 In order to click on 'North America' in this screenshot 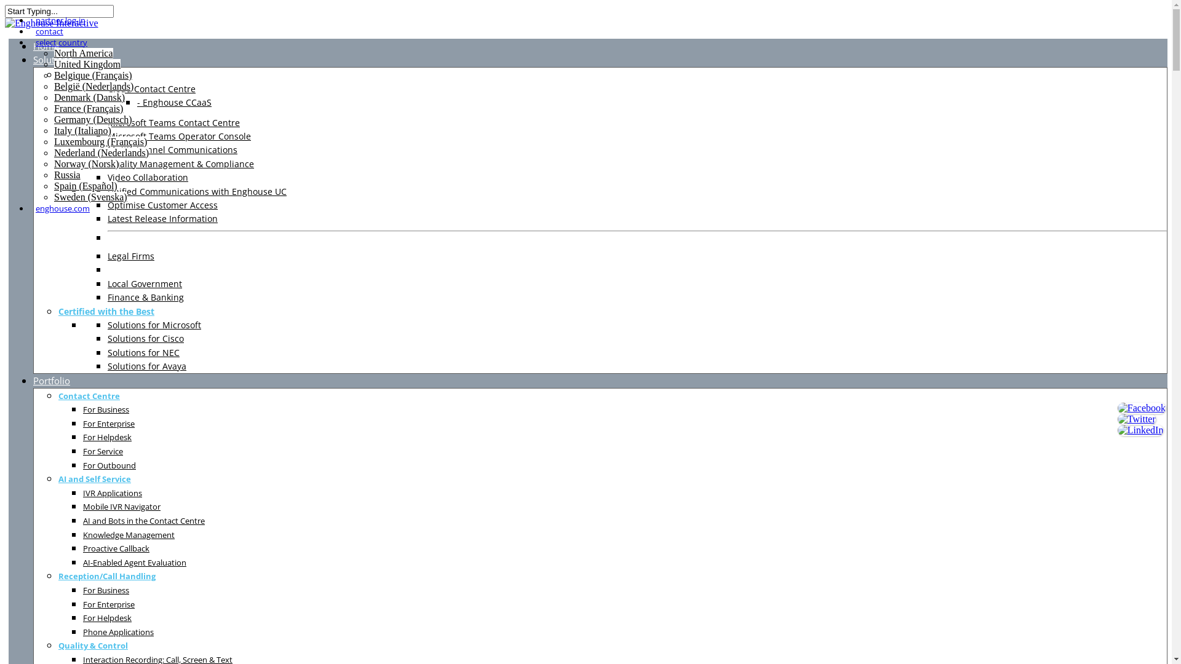, I will do `click(82, 52)`.